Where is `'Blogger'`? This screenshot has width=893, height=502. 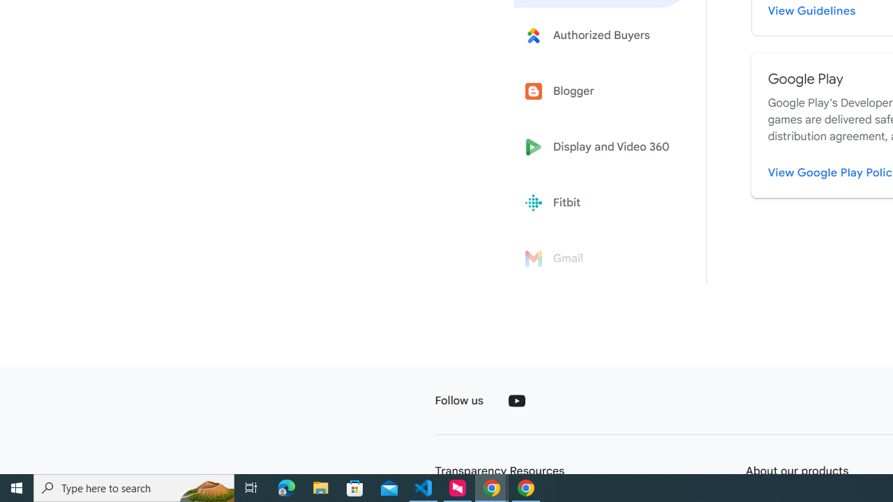
'Blogger' is located at coordinates (601, 91).